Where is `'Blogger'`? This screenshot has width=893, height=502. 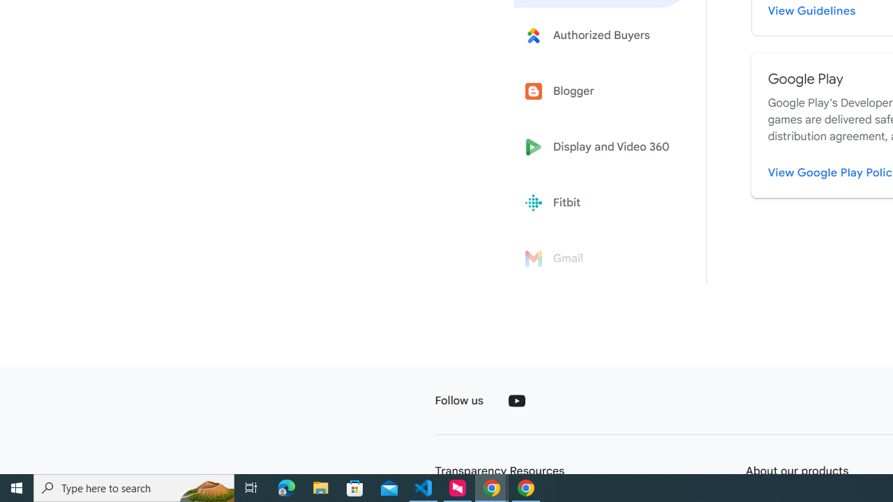
'Blogger' is located at coordinates (601, 91).